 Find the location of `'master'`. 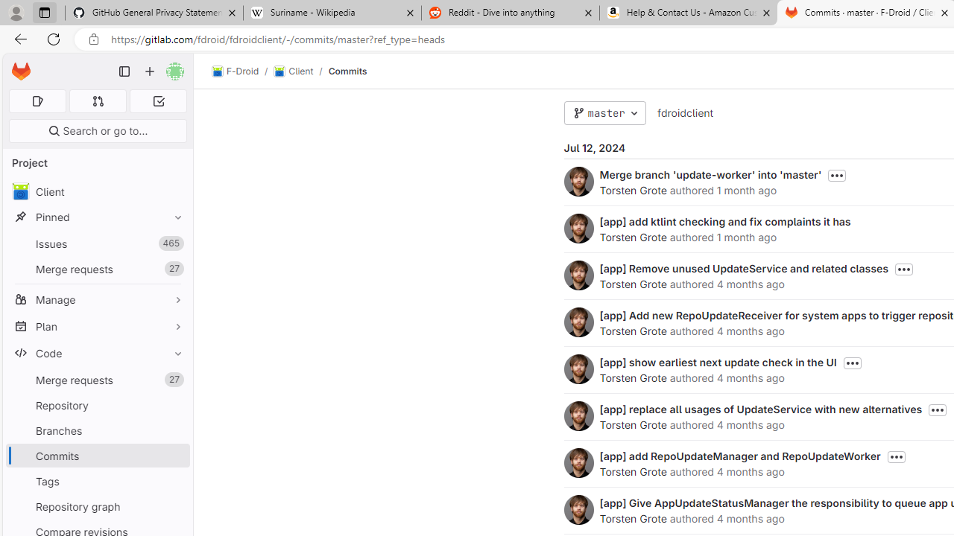

'master' is located at coordinates (604, 112).